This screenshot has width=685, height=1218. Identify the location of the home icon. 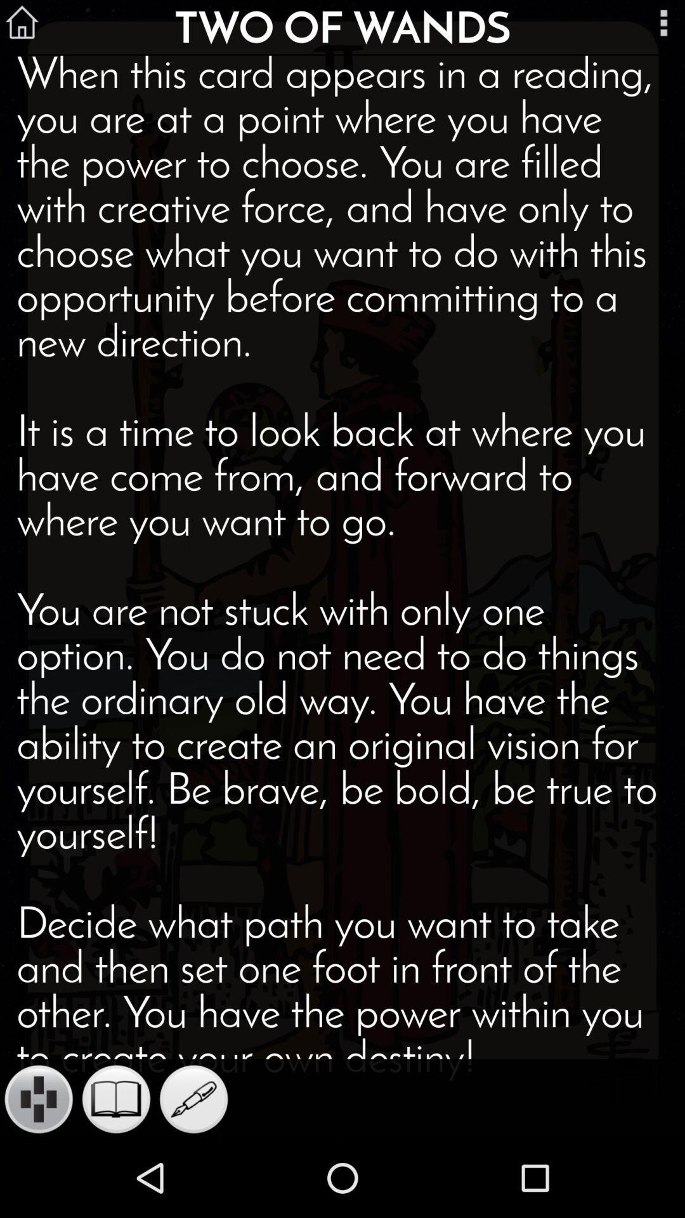
(22, 23).